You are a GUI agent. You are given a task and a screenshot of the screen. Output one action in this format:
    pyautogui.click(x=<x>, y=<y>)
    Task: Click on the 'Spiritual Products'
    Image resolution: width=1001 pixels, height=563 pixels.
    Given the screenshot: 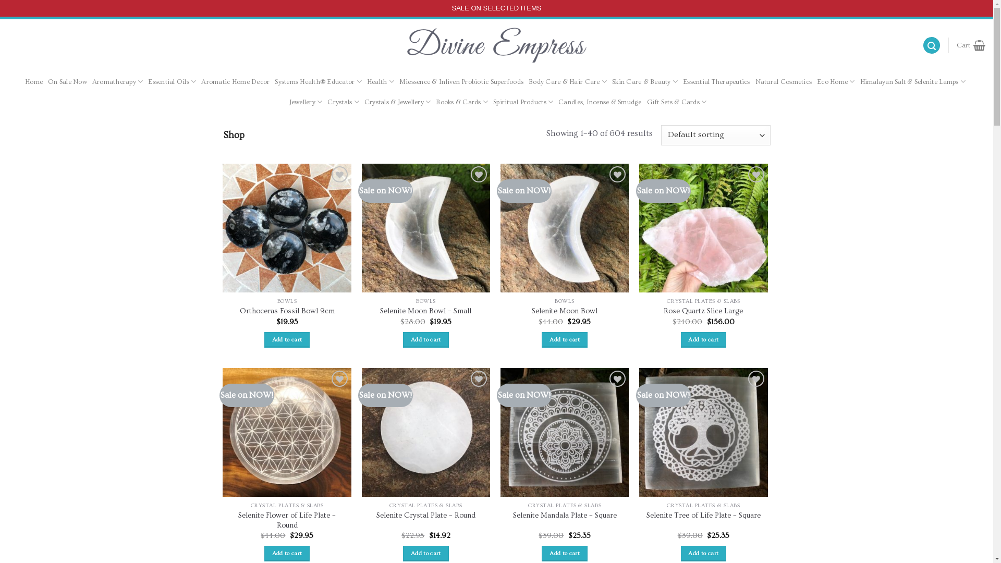 What is the action you would take?
    pyautogui.click(x=492, y=102)
    